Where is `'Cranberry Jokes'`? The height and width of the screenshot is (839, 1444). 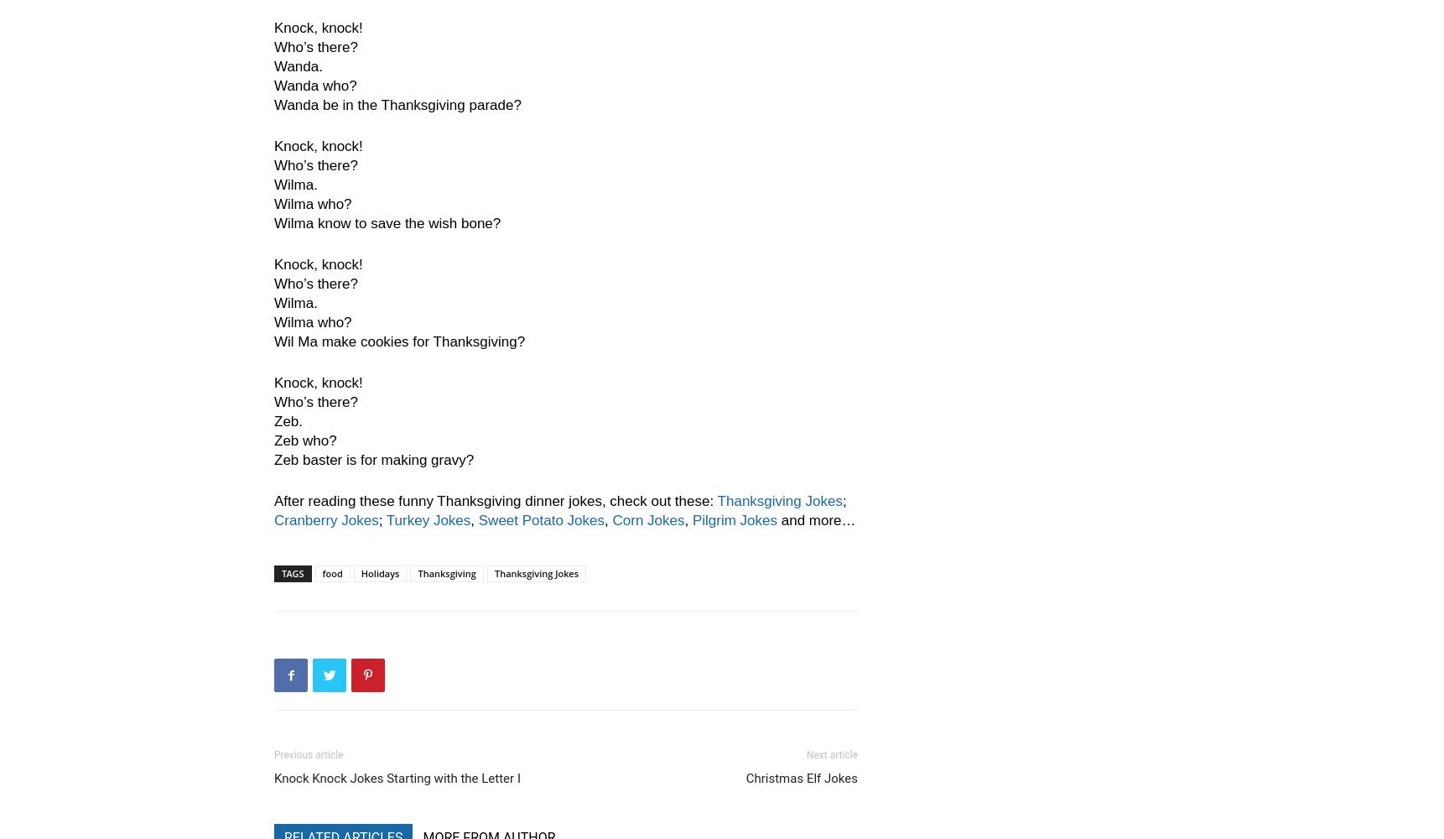 'Cranberry Jokes' is located at coordinates (325, 519).